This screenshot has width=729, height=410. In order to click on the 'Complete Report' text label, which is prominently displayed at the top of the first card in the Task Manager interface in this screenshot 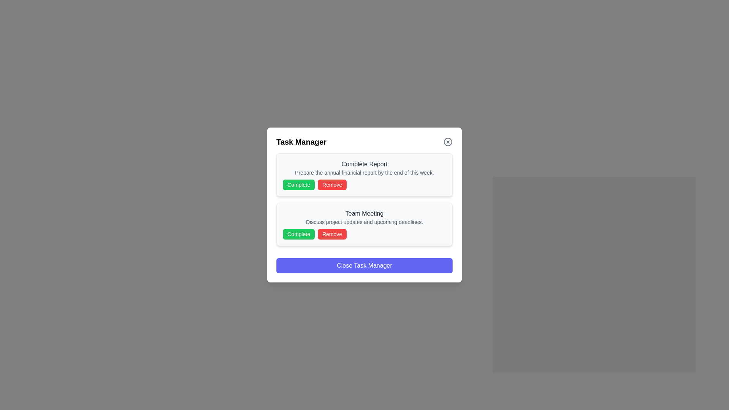, I will do `click(364, 164)`.